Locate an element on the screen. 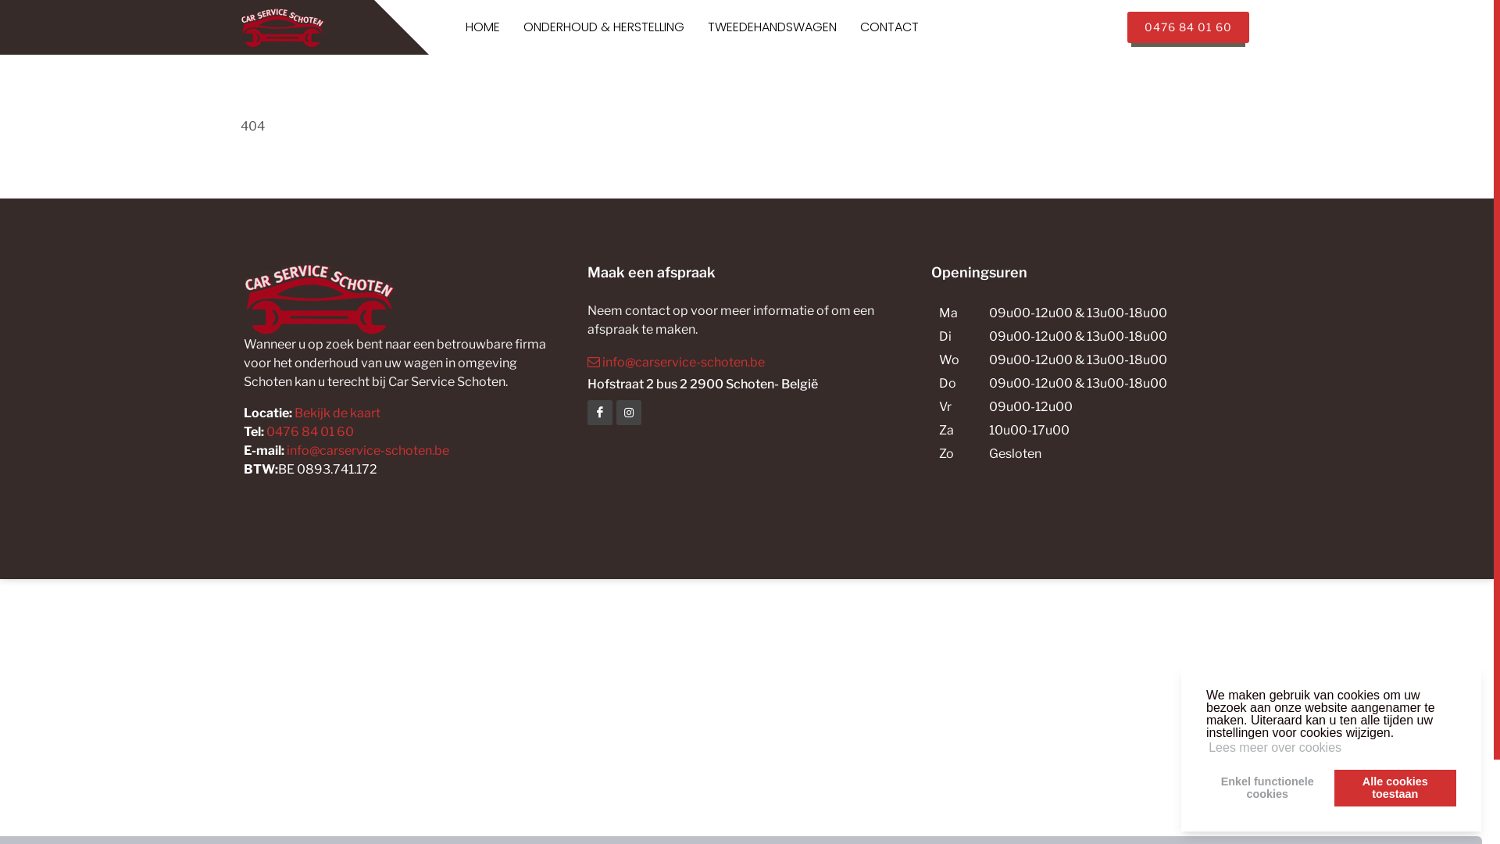  'Facebook' is located at coordinates (629, 412).